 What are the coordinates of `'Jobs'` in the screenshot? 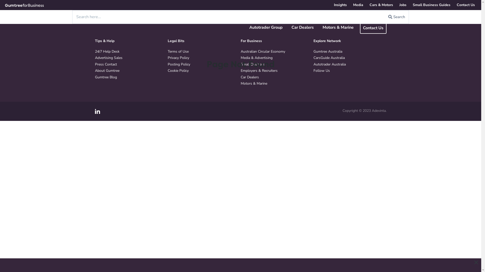 It's located at (402, 5).